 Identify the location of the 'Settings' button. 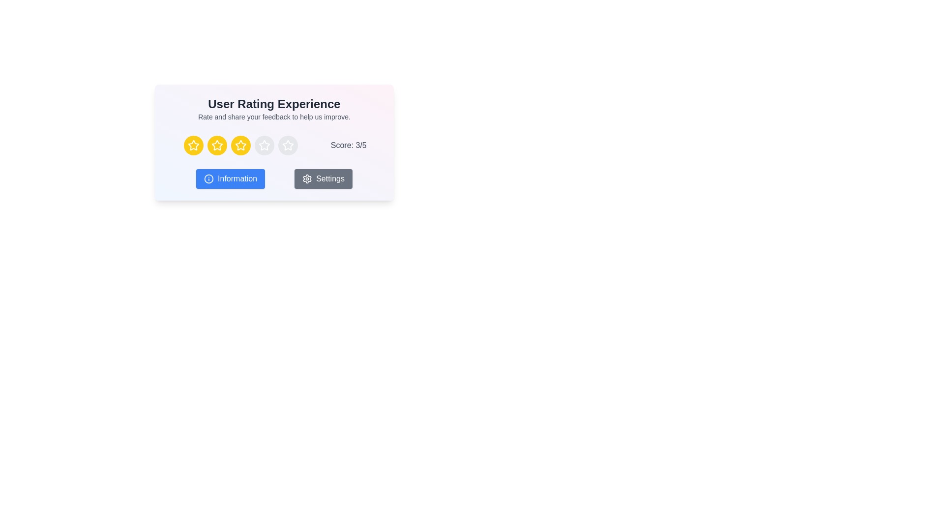
(323, 178).